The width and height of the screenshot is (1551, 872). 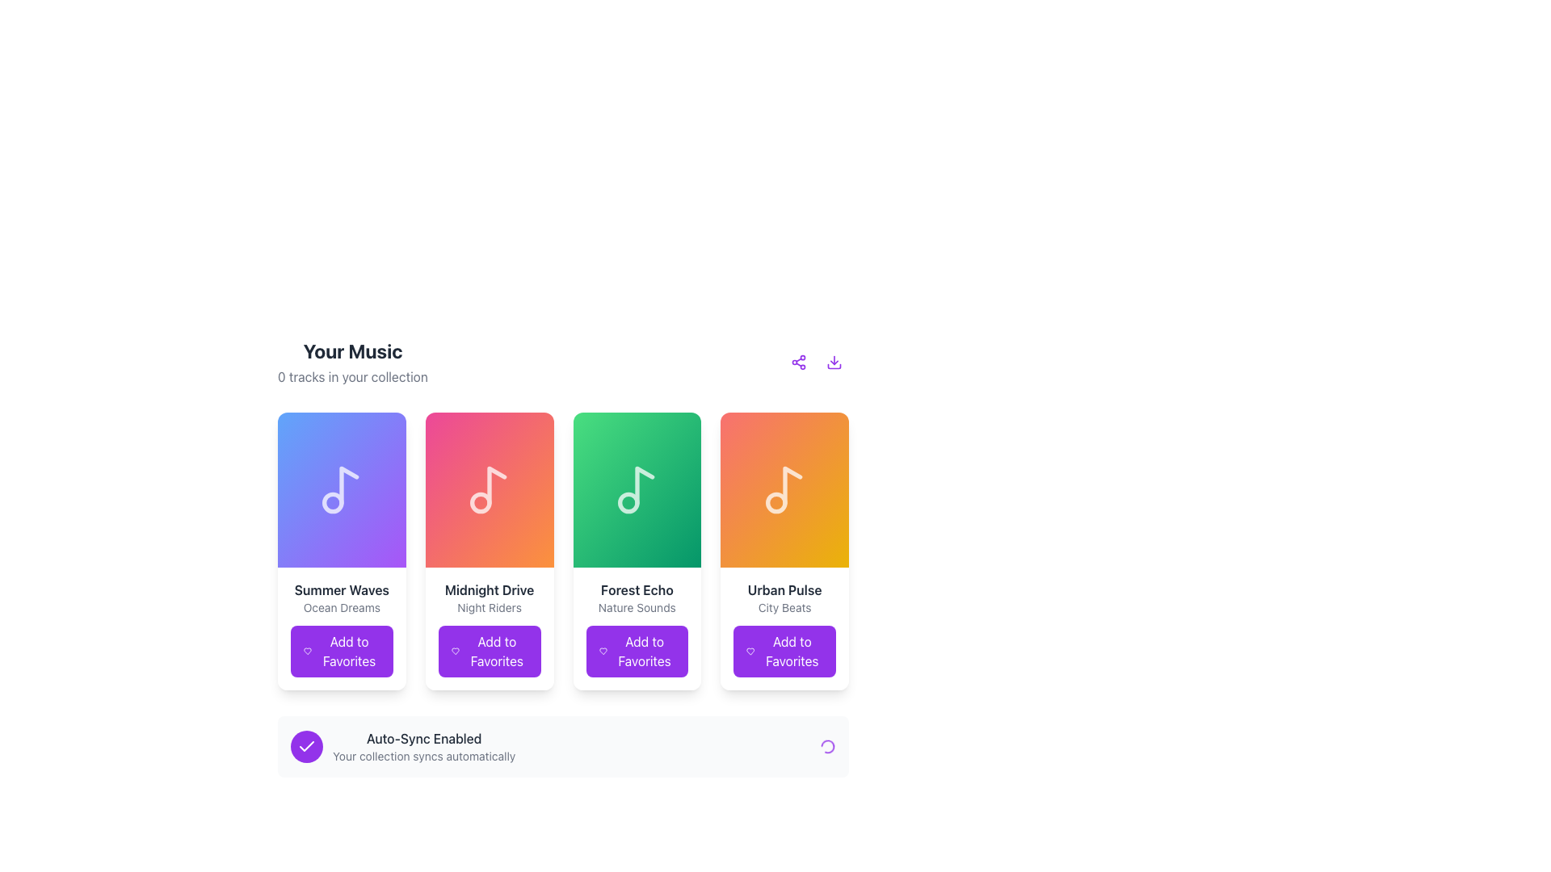 What do you see at coordinates (563, 747) in the screenshot?
I see `the Information display panel indicating that the auto-sync feature is enabled and active, located at the bottom of the visible section below the music collections grid` at bounding box center [563, 747].